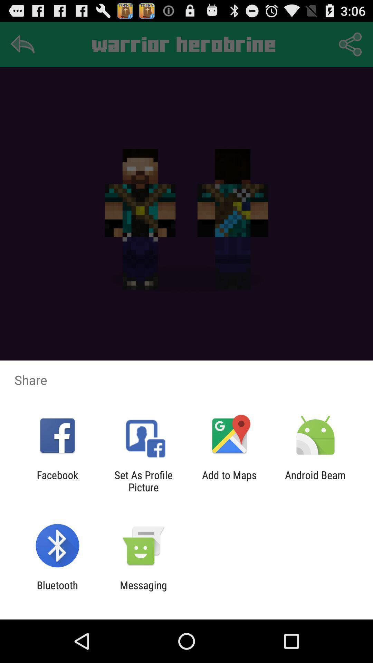 This screenshot has height=663, width=373. Describe the element at coordinates (143, 481) in the screenshot. I see `set as profile` at that location.